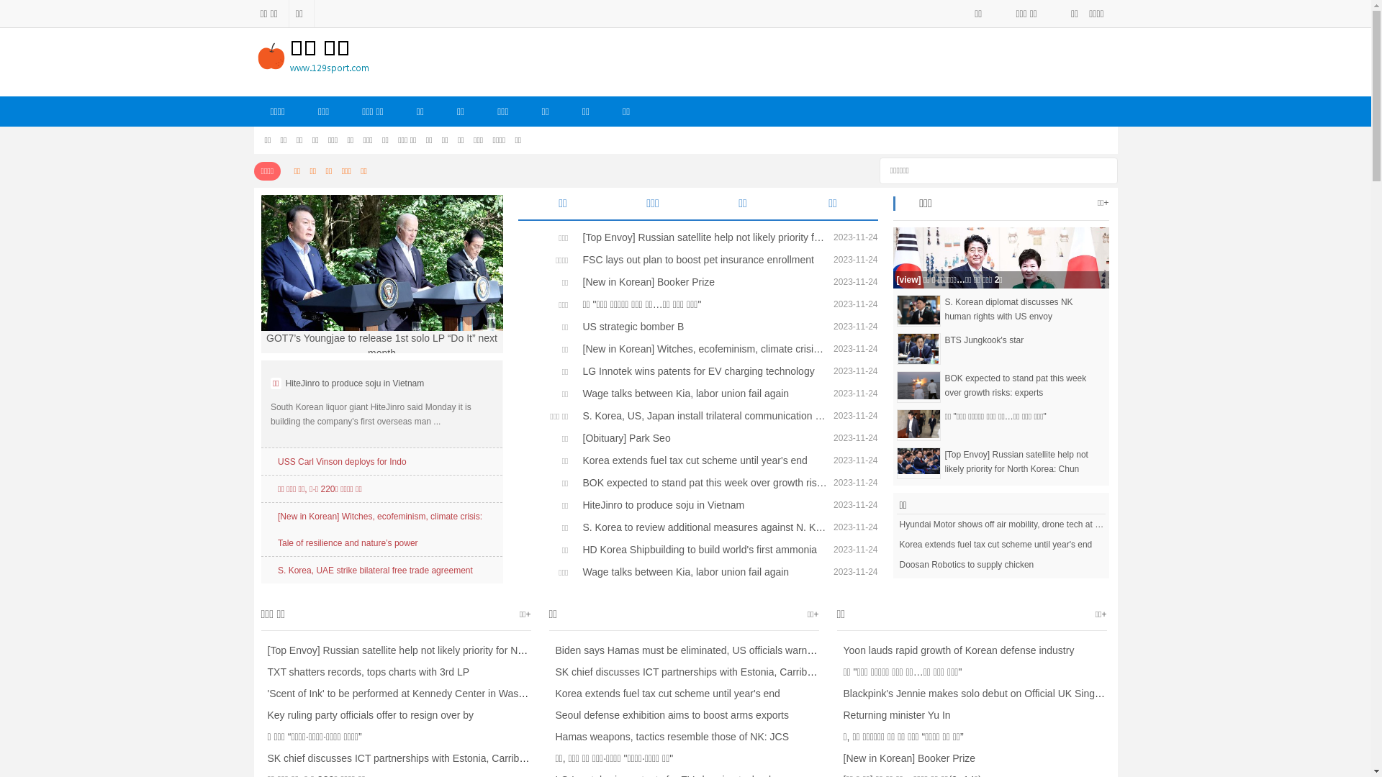 Image resolution: width=1382 pixels, height=777 pixels. Describe the element at coordinates (366, 715) in the screenshot. I see `'Key ruling party officials offer to resign over by'` at that location.